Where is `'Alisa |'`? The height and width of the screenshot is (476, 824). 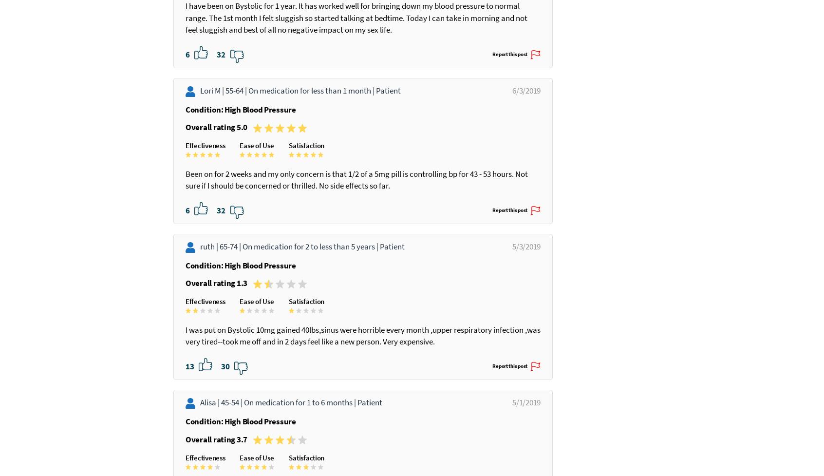 'Alisa |' is located at coordinates (200, 449).